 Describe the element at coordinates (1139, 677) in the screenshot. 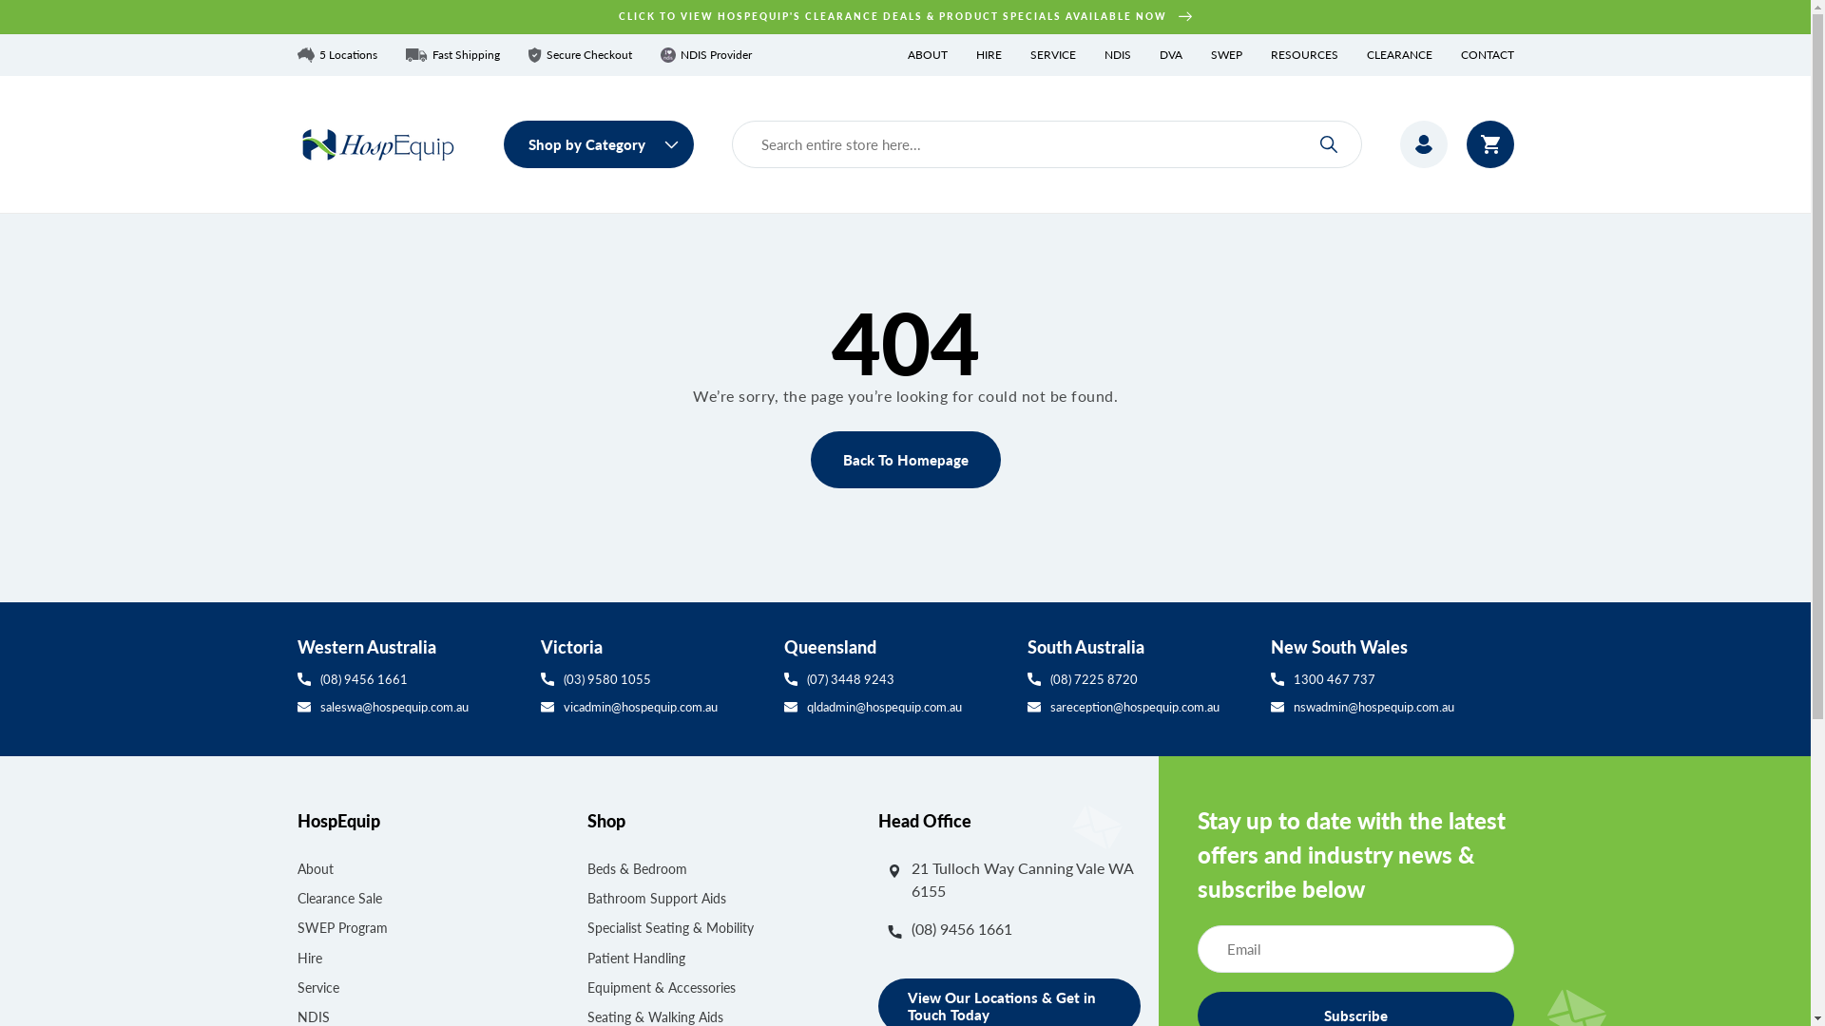

I see `'(08) 7225 8720'` at that location.